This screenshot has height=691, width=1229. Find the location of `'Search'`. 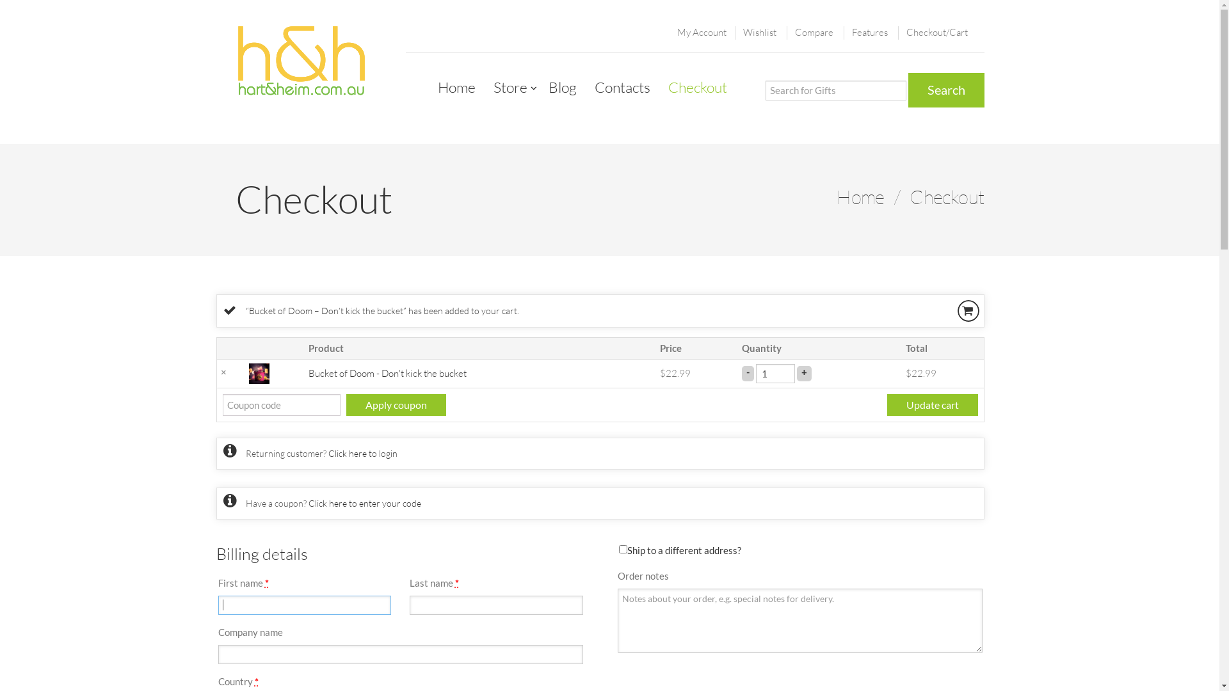

'Search' is located at coordinates (945, 90).